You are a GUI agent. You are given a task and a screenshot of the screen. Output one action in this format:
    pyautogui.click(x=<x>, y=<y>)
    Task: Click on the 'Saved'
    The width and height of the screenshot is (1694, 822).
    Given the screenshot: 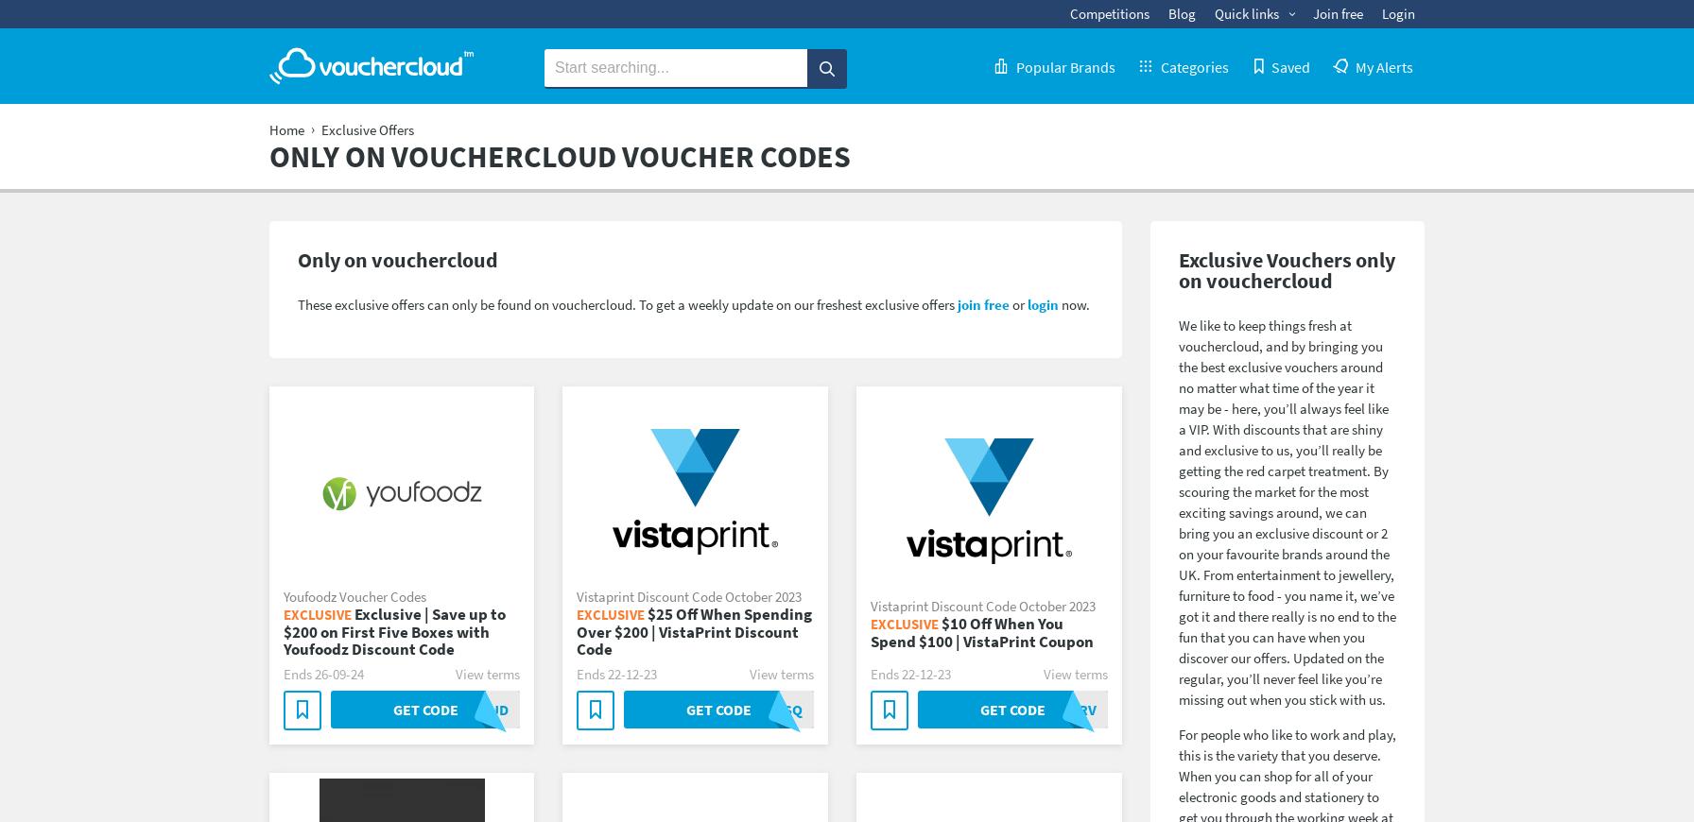 What is the action you would take?
    pyautogui.click(x=1290, y=65)
    